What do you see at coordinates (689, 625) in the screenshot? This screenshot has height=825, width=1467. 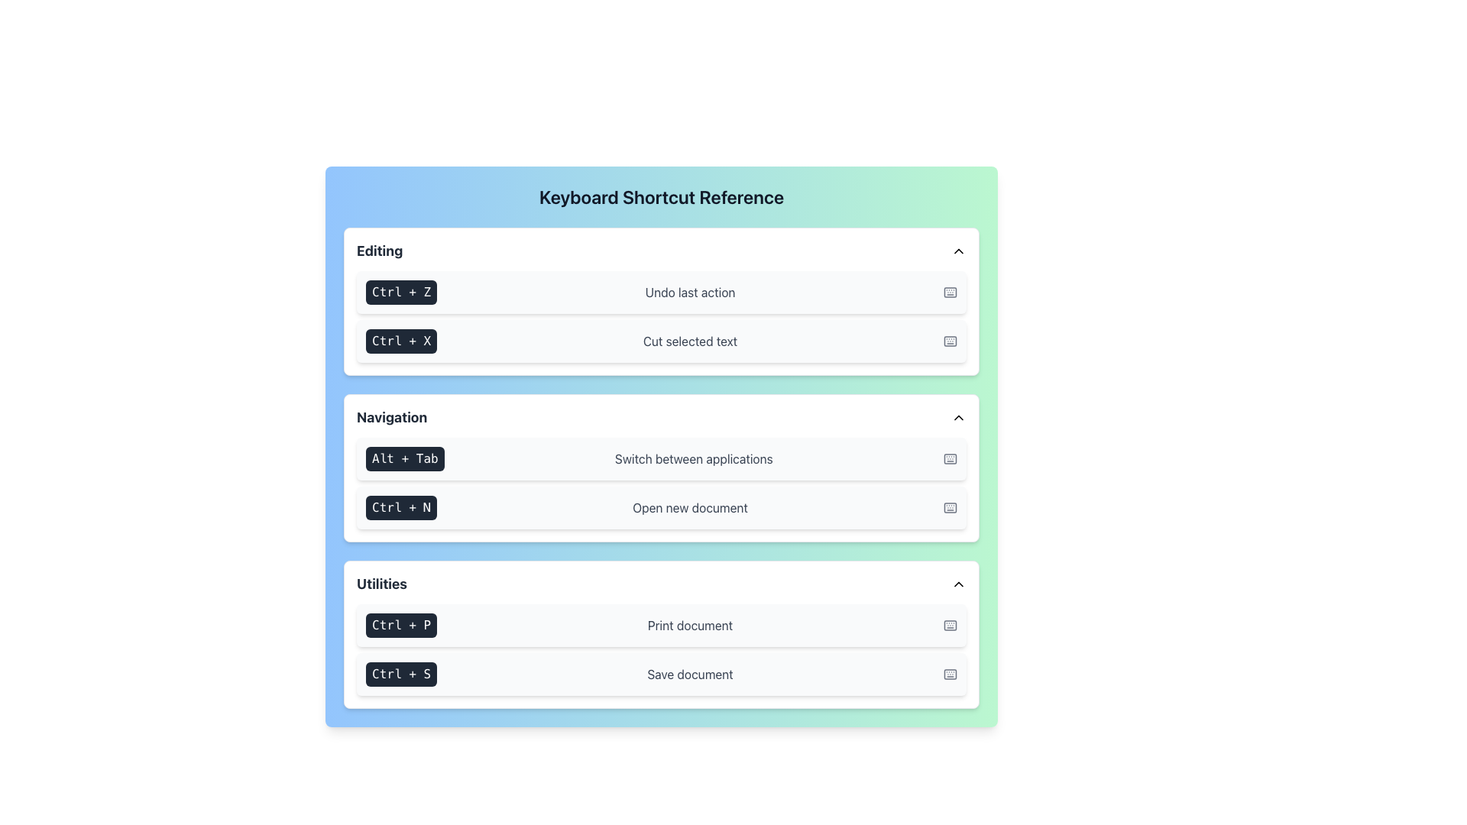 I see `the Text label in the 'Utilities' section that describes the keyboard shortcut 'Ctrl + P'` at bounding box center [689, 625].